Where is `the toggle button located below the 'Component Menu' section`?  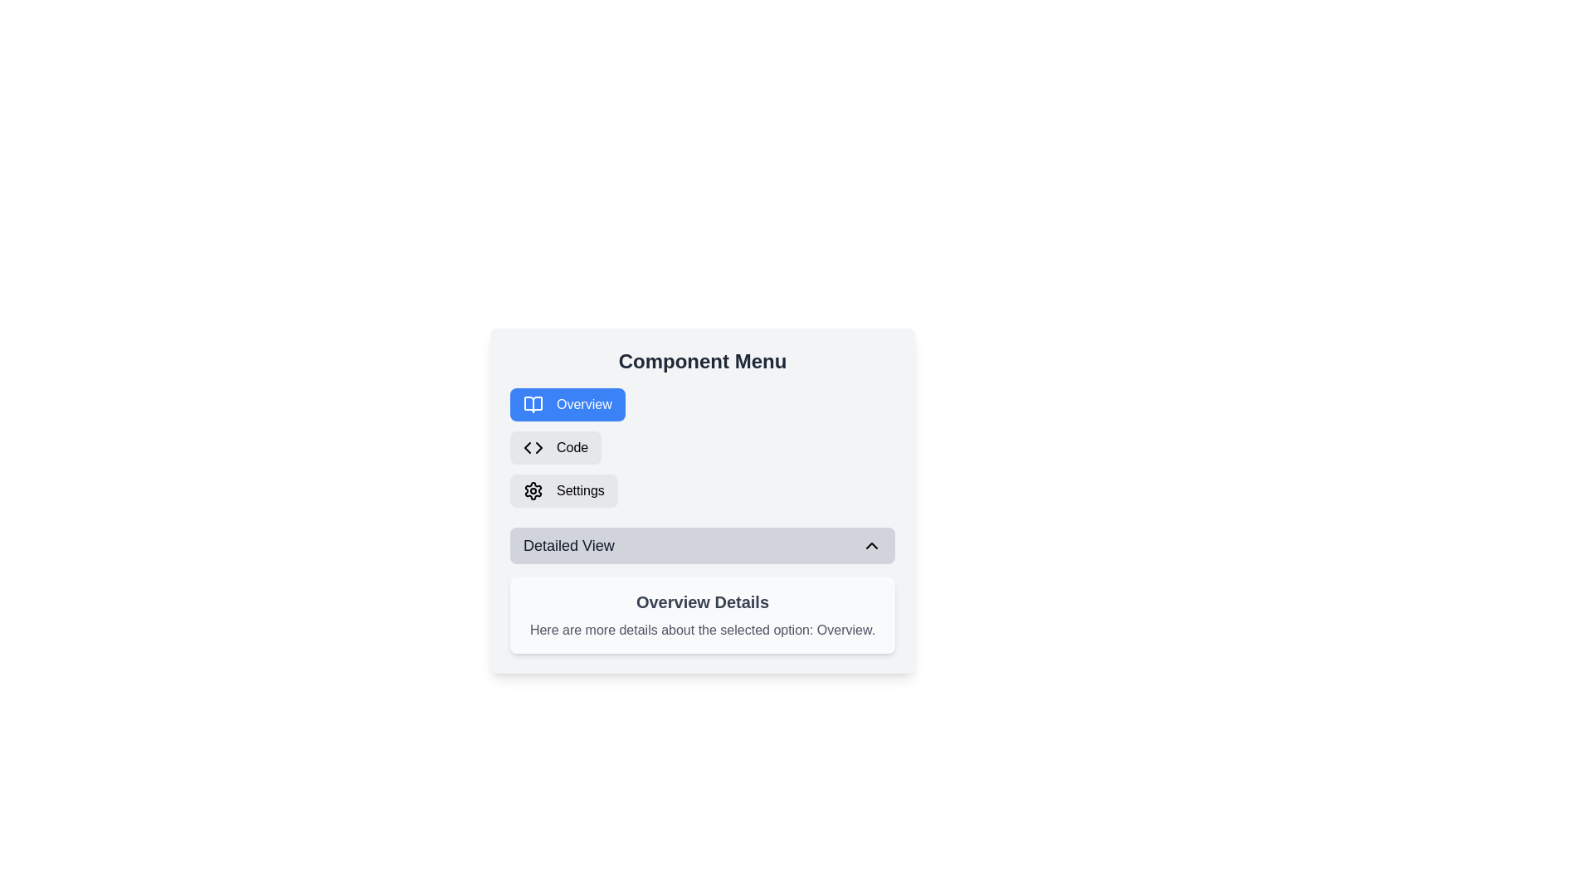 the toggle button located below the 'Component Menu' section is located at coordinates (702, 546).